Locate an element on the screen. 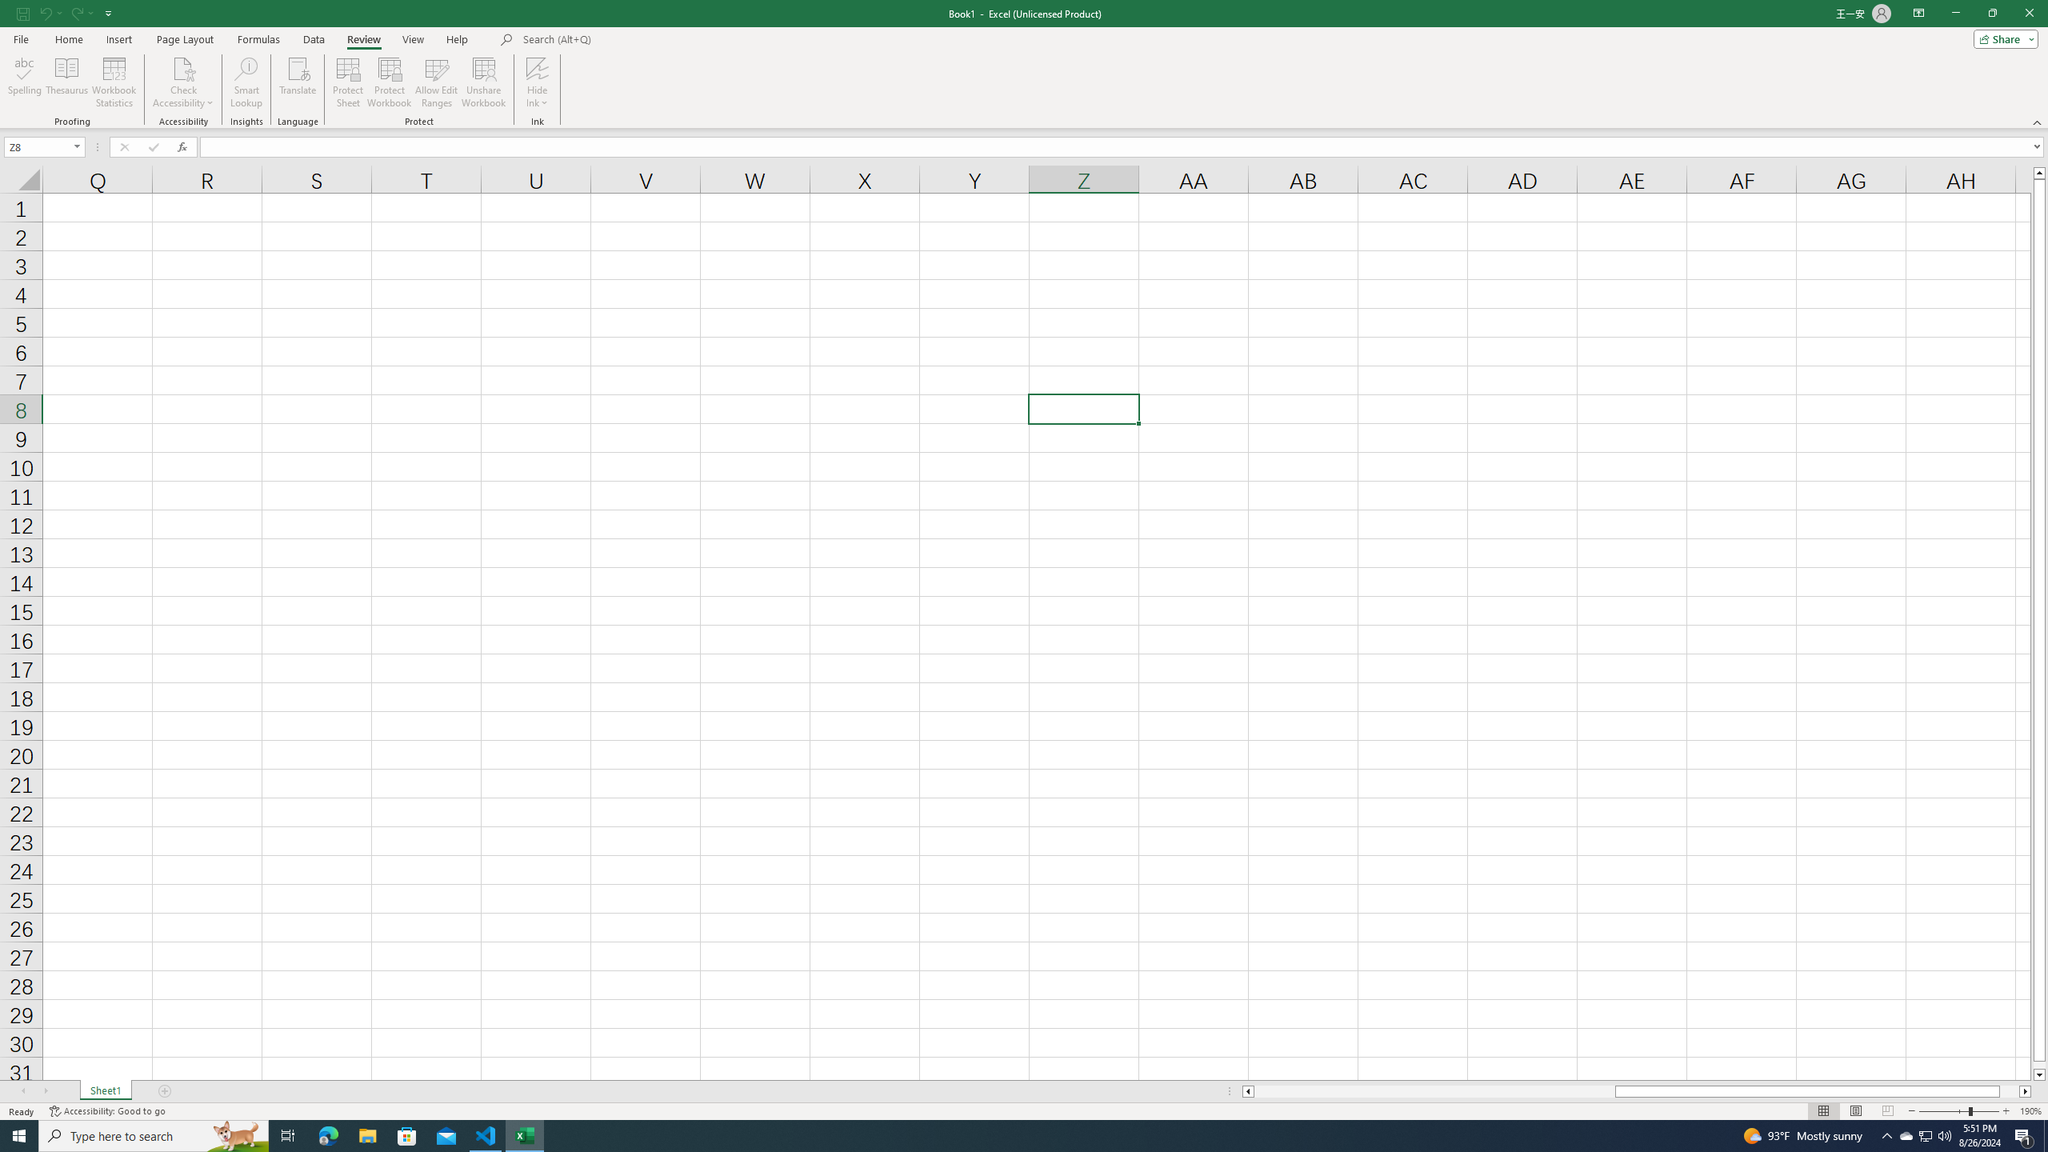 The height and width of the screenshot is (1152, 2048). 'Unshare Workbook' is located at coordinates (483, 82).